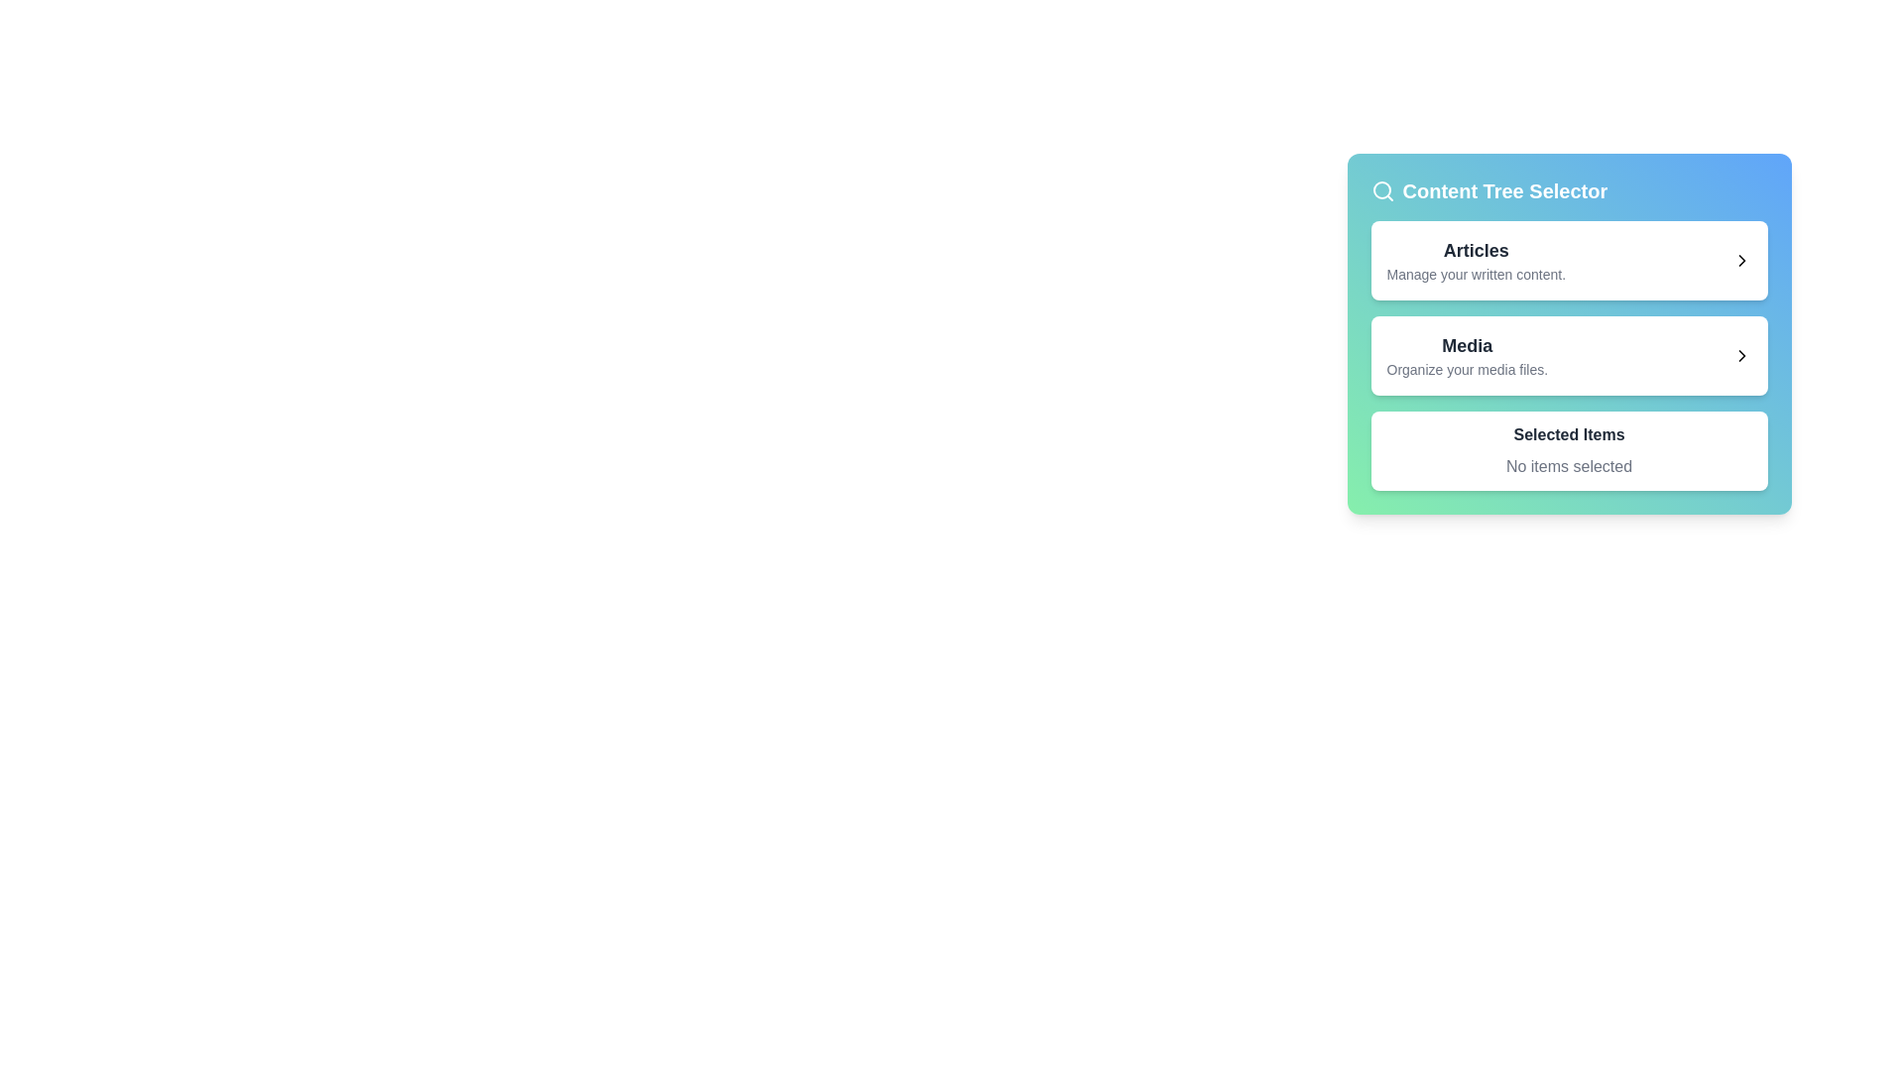 The image size is (1904, 1071). Describe the element at coordinates (1740, 354) in the screenshot. I see `the right-facing chevron icon next to the text 'Media'` at that location.